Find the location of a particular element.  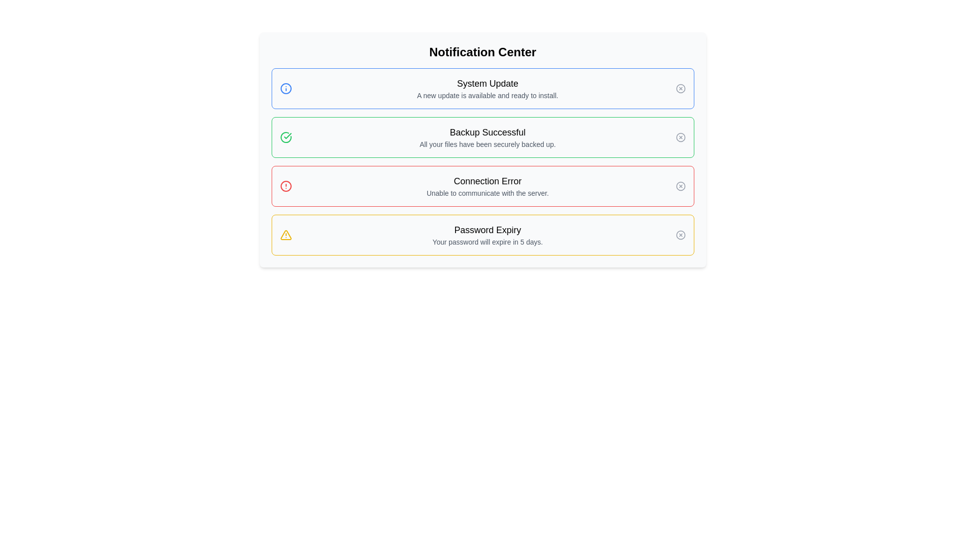

the text located in the second notification card of the Notification Center, positioned below the 'Backup Successful' text is located at coordinates (487, 144).